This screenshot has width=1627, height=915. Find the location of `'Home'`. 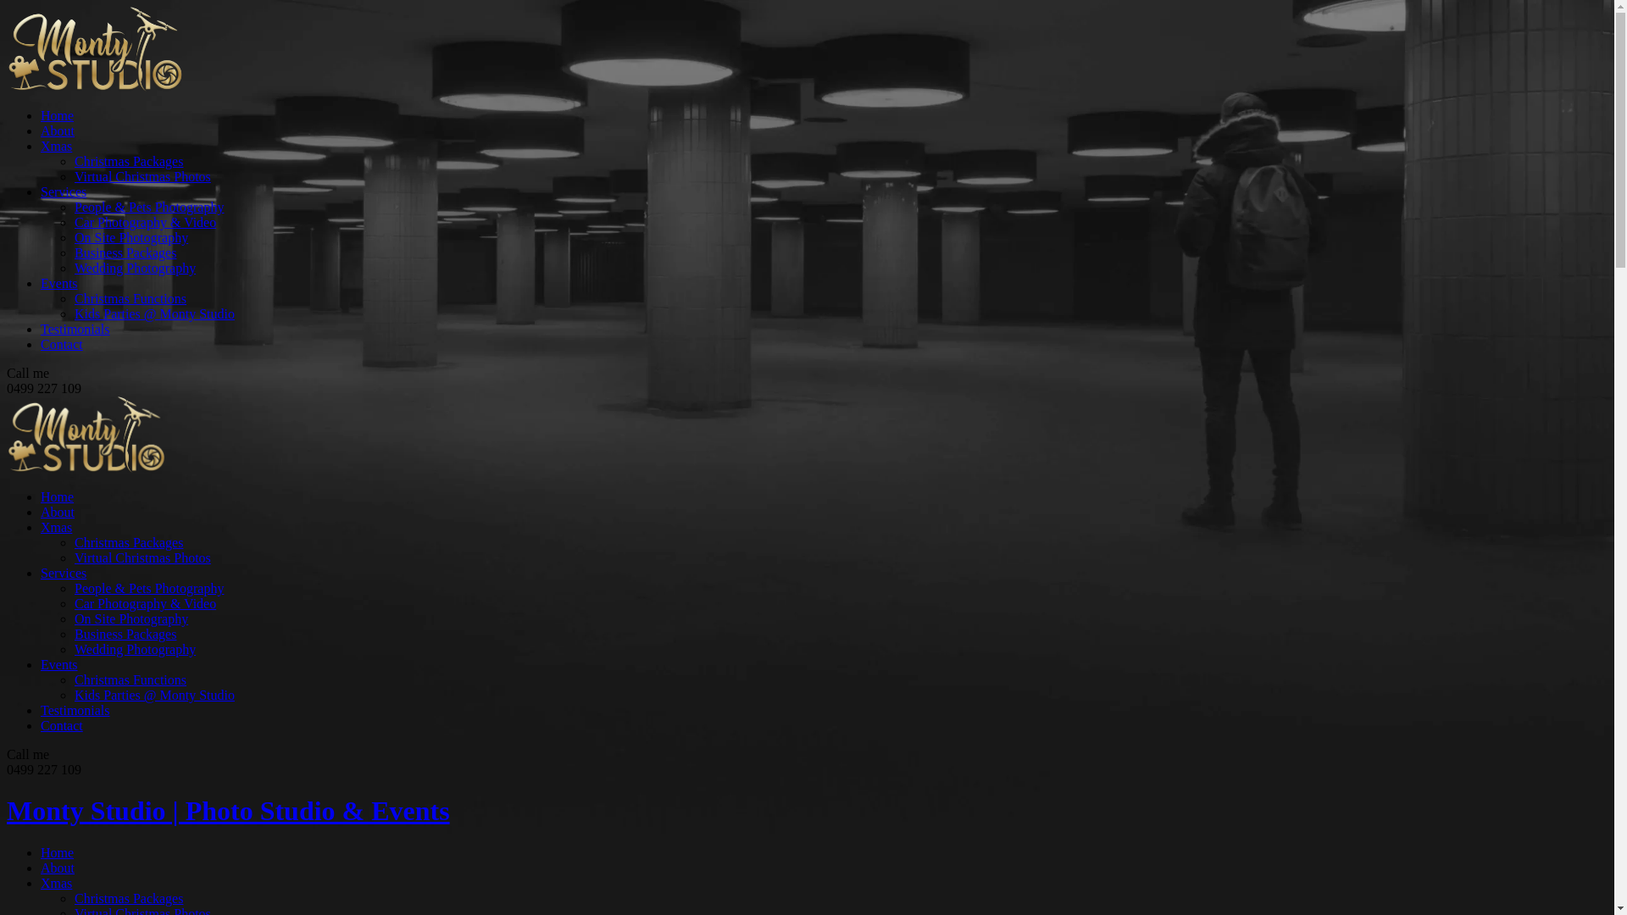

'Home' is located at coordinates (57, 852).